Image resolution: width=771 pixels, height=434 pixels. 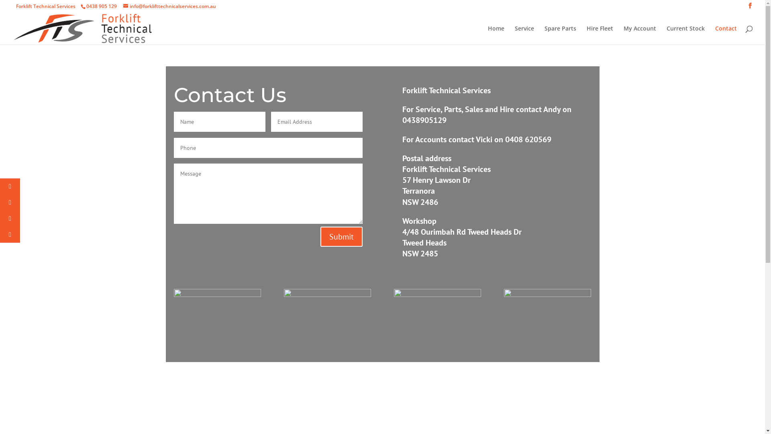 I want to click on 'Hire Fleet', so click(x=600, y=35).